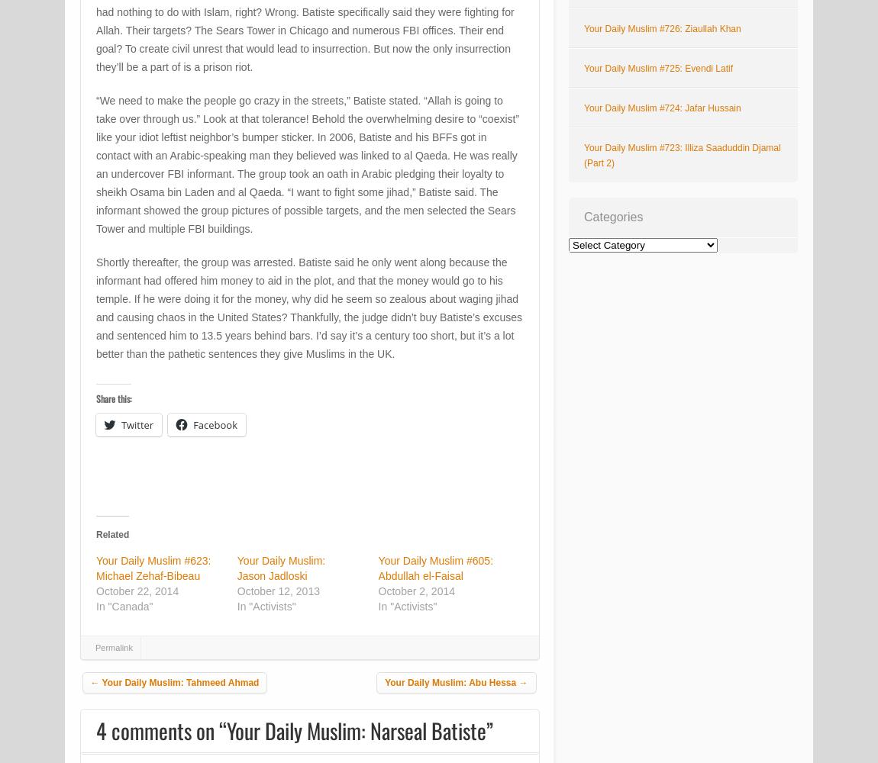 The width and height of the screenshot is (878, 763). What do you see at coordinates (357, 729) in the screenshot?
I see `'Your Daily Muslim: Narseal Batiste'` at bounding box center [357, 729].